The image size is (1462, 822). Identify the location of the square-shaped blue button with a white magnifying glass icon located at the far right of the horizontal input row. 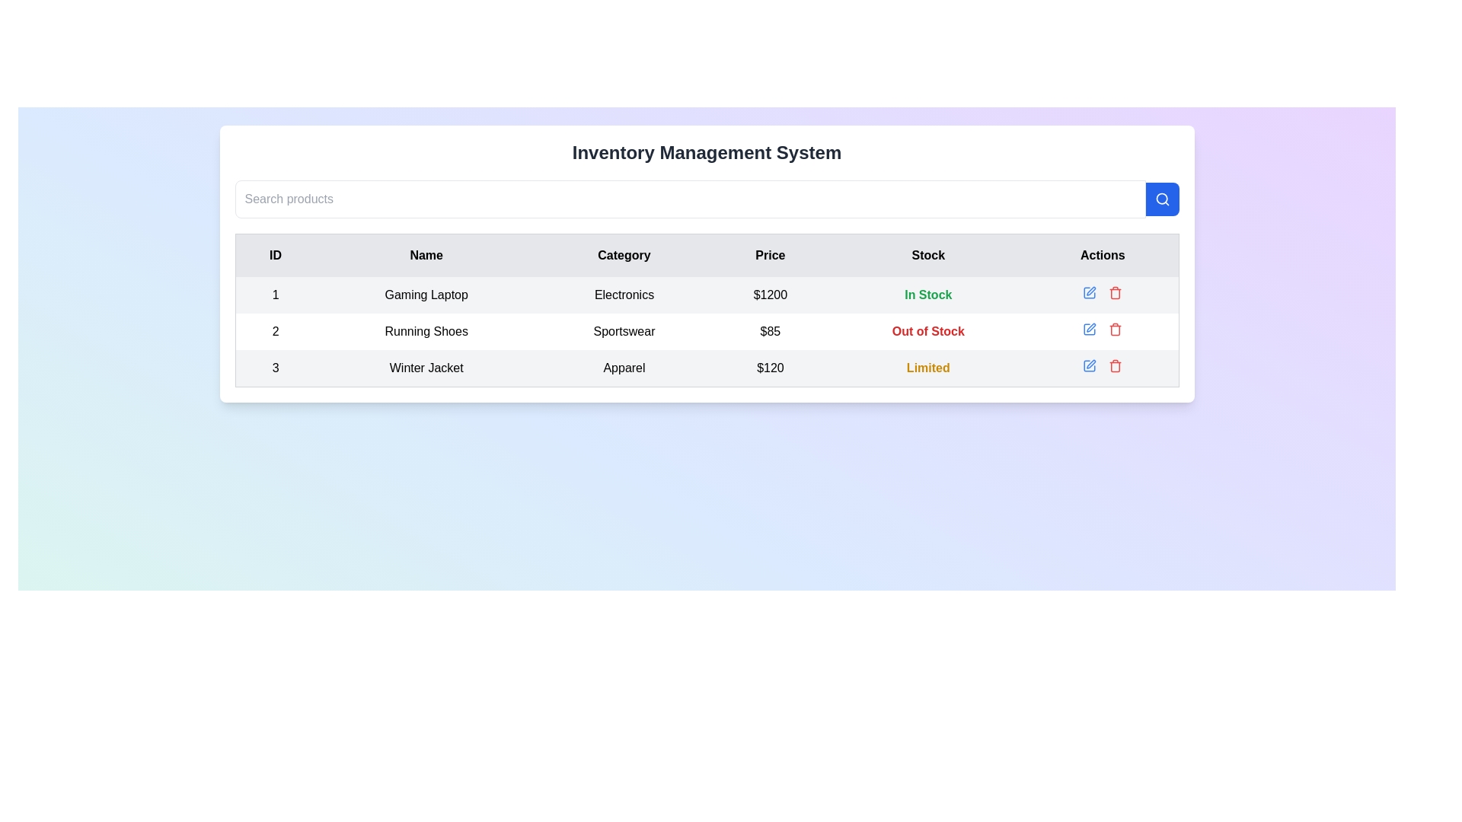
(1161, 199).